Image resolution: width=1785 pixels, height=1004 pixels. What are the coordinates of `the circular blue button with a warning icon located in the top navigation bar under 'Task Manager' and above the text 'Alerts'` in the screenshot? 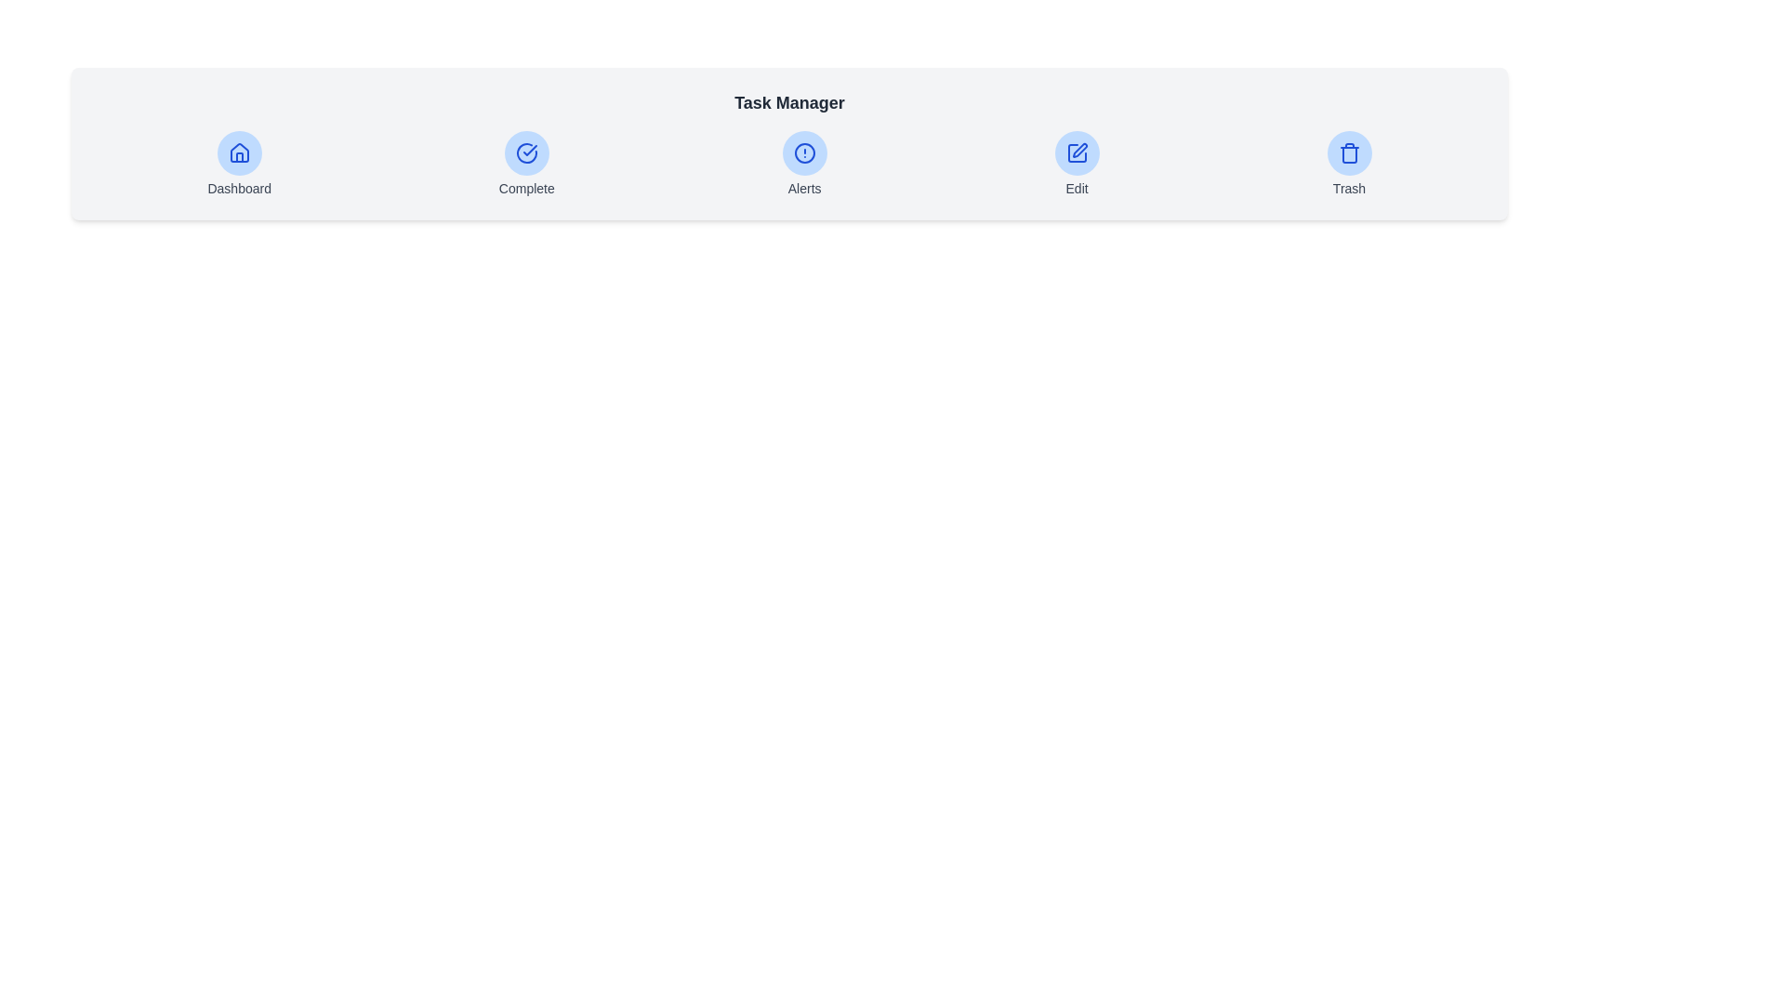 It's located at (804, 152).